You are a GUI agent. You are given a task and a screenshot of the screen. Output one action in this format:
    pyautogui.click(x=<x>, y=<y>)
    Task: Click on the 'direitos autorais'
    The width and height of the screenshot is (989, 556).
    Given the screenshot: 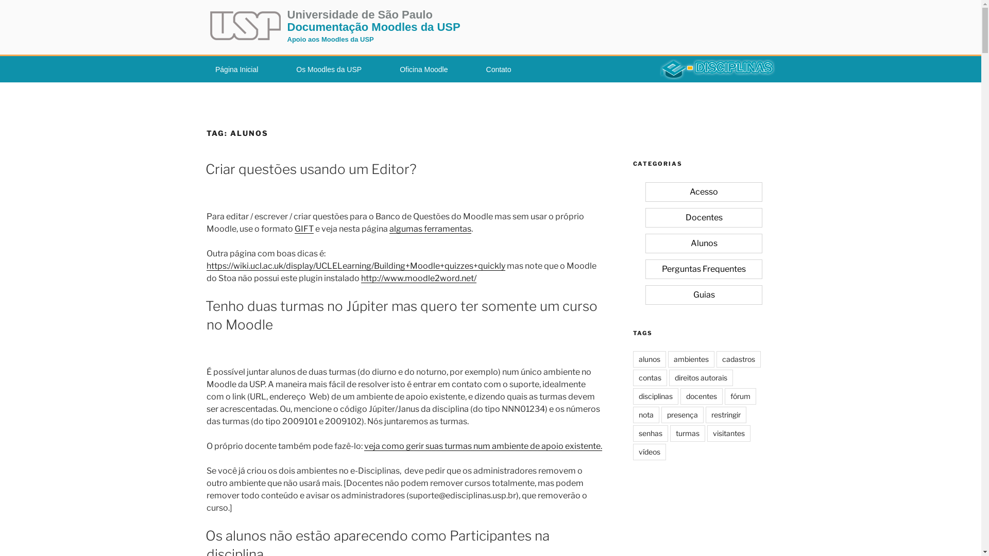 What is the action you would take?
    pyautogui.click(x=700, y=377)
    